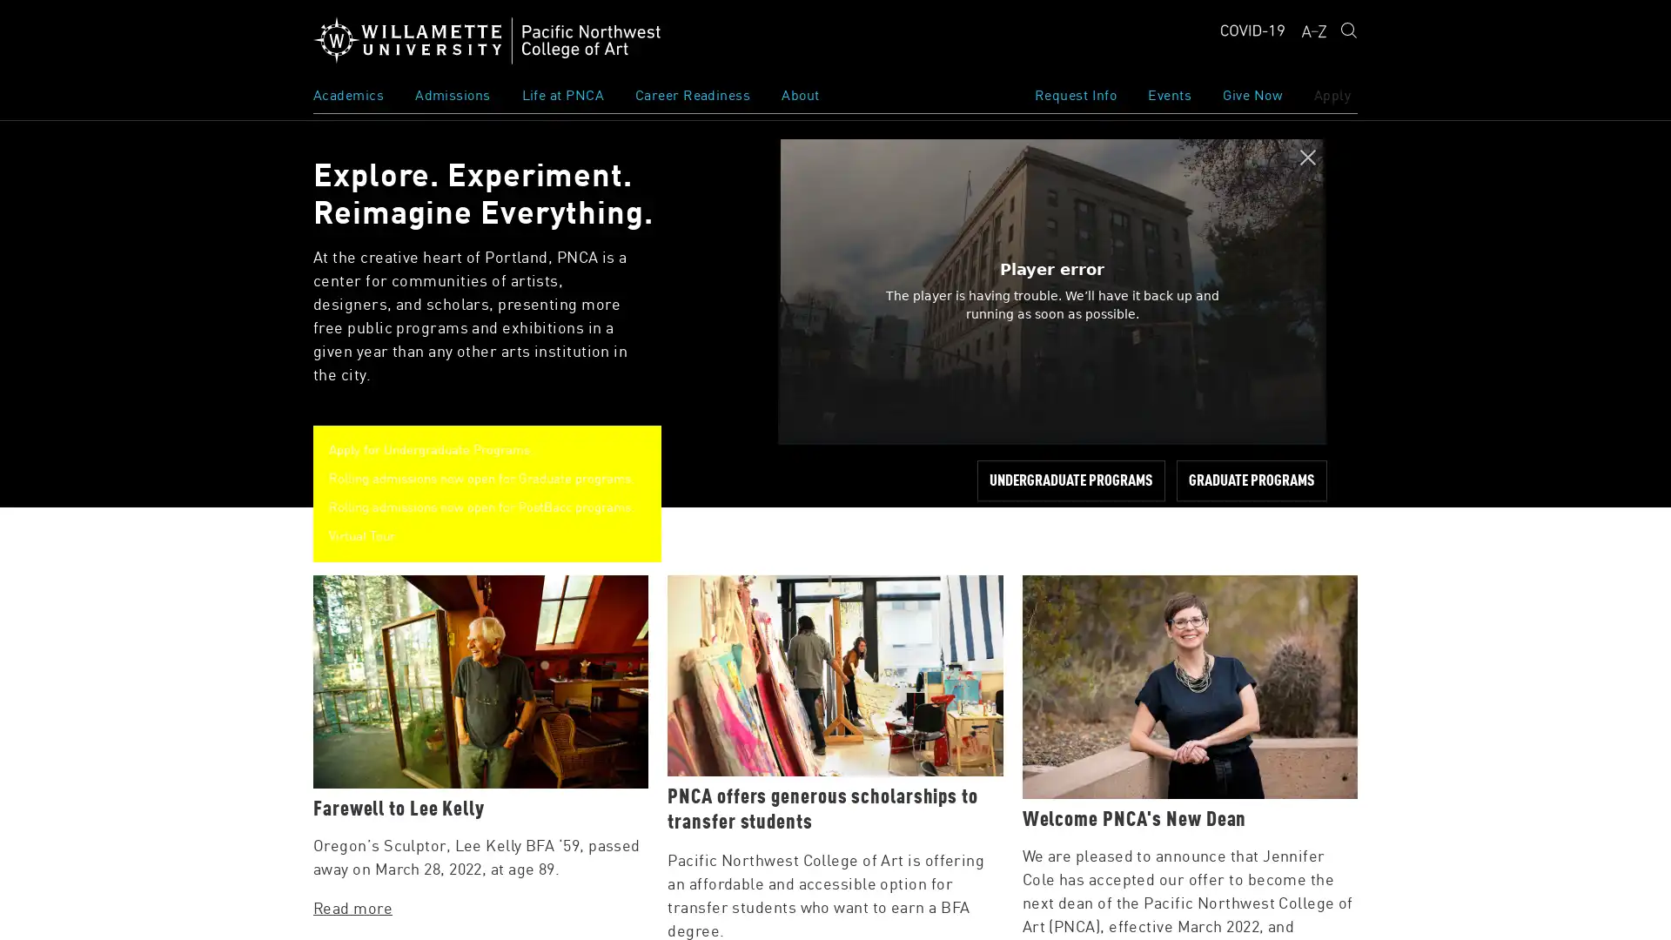 Image resolution: width=1671 pixels, height=940 pixels. Describe the element at coordinates (562, 97) in the screenshot. I see `Toggle Subnavigation` at that location.